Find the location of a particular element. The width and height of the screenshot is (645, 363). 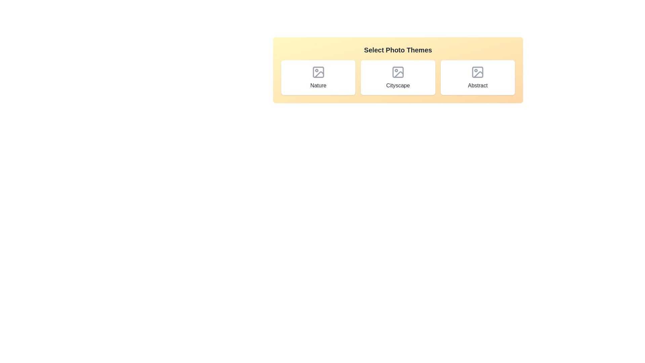

the chip labeled Abstract is located at coordinates (477, 77).